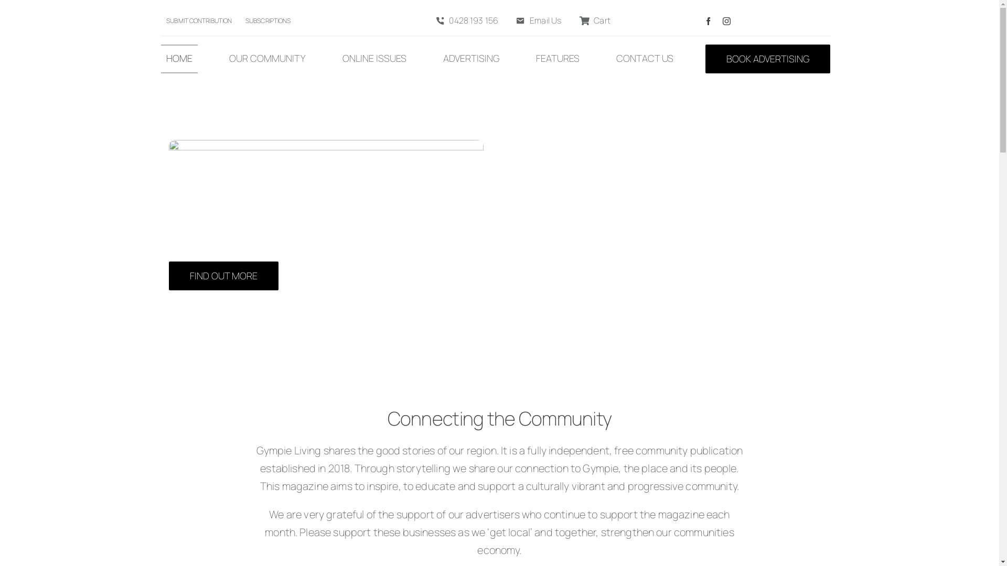  I want to click on 'Cart', so click(592, 21).